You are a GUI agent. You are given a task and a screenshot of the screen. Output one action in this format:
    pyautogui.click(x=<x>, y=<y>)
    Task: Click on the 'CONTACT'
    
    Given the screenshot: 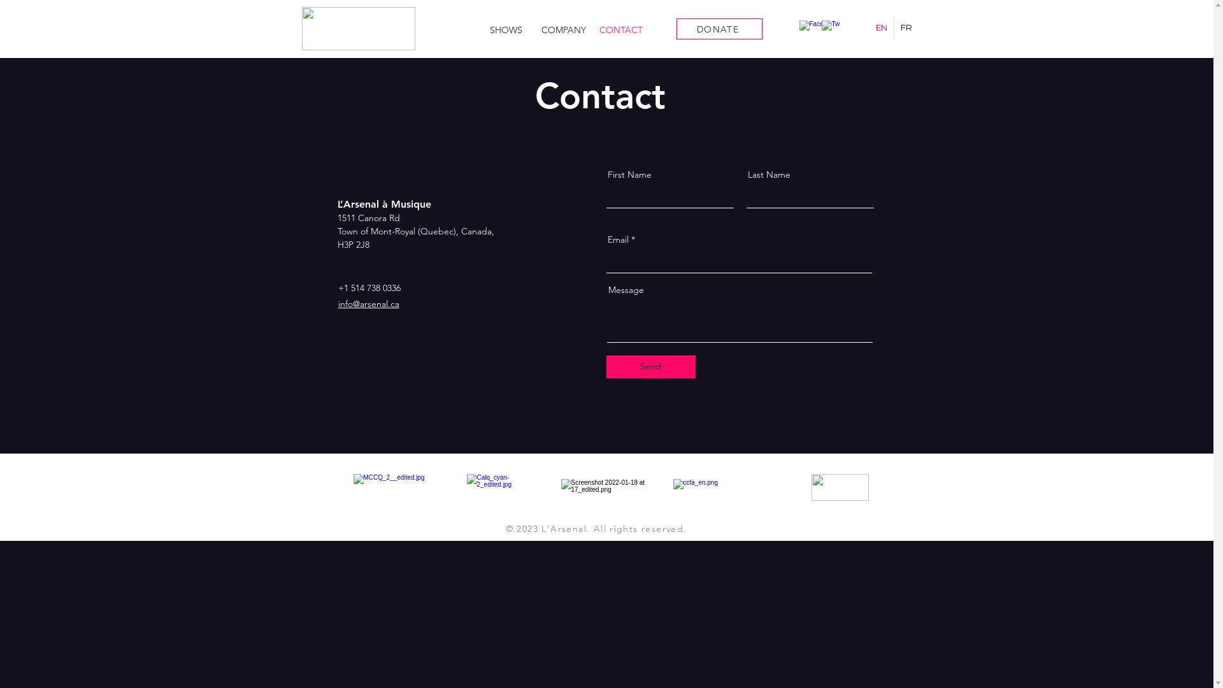 What is the action you would take?
    pyautogui.click(x=592, y=29)
    